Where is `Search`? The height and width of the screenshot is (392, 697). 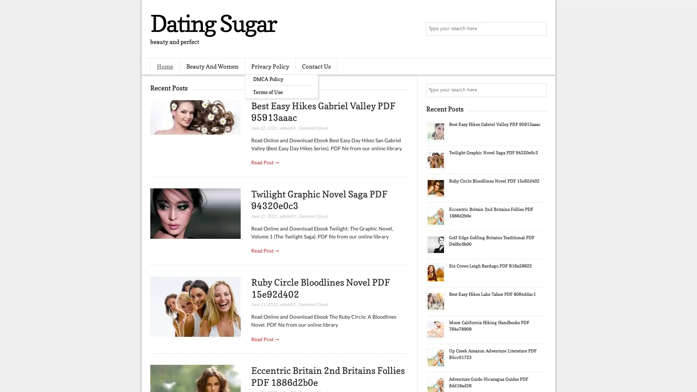 Search is located at coordinates (539, 29).